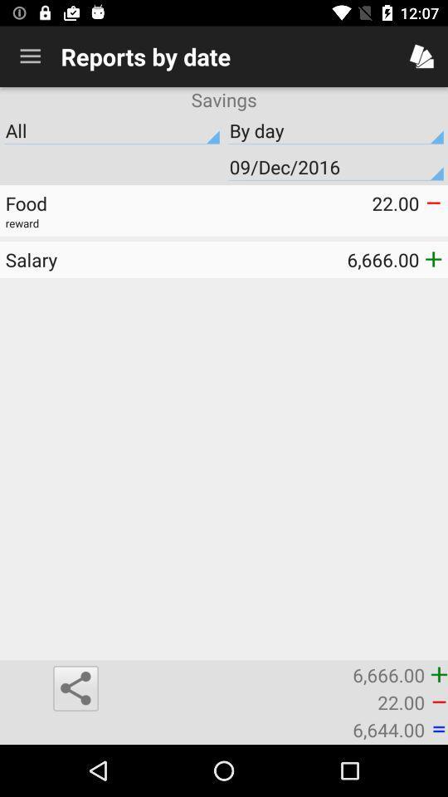 Image resolution: width=448 pixels, height=797 pixels. I want to click on icon next to reports by date item, so click(30, 56).